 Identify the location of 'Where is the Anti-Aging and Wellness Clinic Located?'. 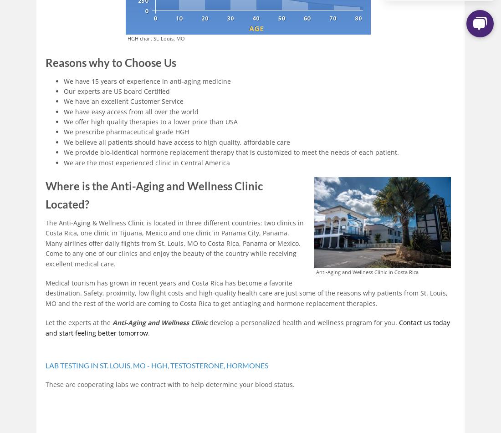
(153, 195).